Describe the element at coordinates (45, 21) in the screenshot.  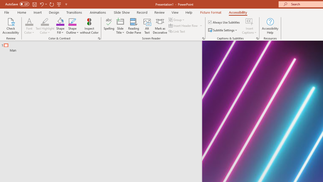
I see `'Text Highlight Color'` at that location.